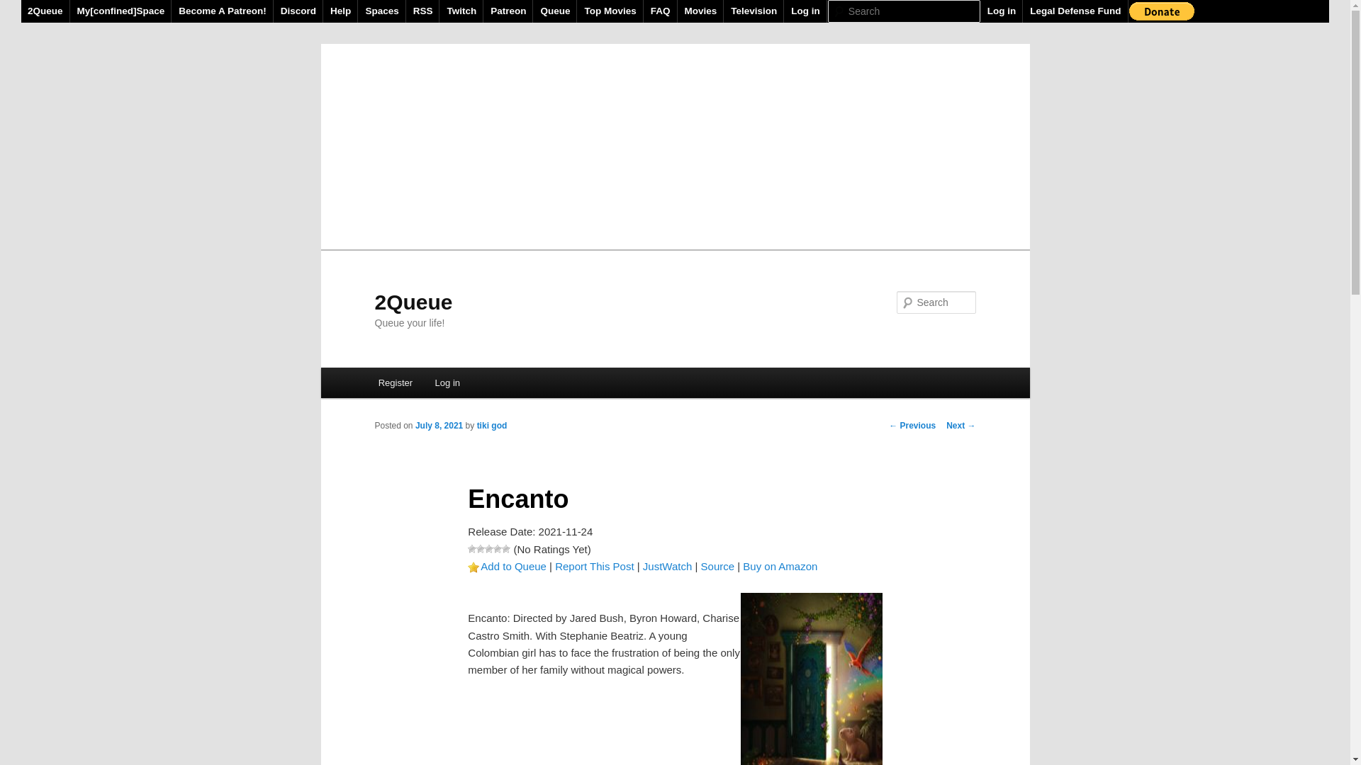 This screenshot has height=765, width=1361. What do you see at coordinates (461, 11) in the screenshot?
I see `'Twitch'` at bounding box center [461, 11].